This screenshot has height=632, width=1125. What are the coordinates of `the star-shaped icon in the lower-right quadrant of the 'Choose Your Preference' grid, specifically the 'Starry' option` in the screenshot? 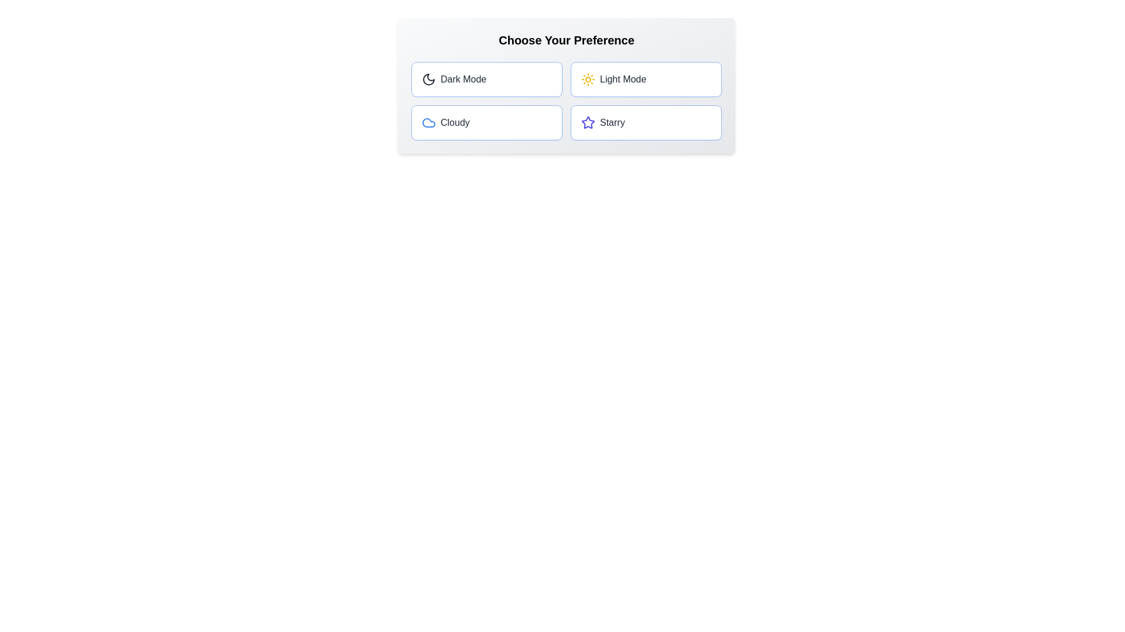 It's located at (588, 122).